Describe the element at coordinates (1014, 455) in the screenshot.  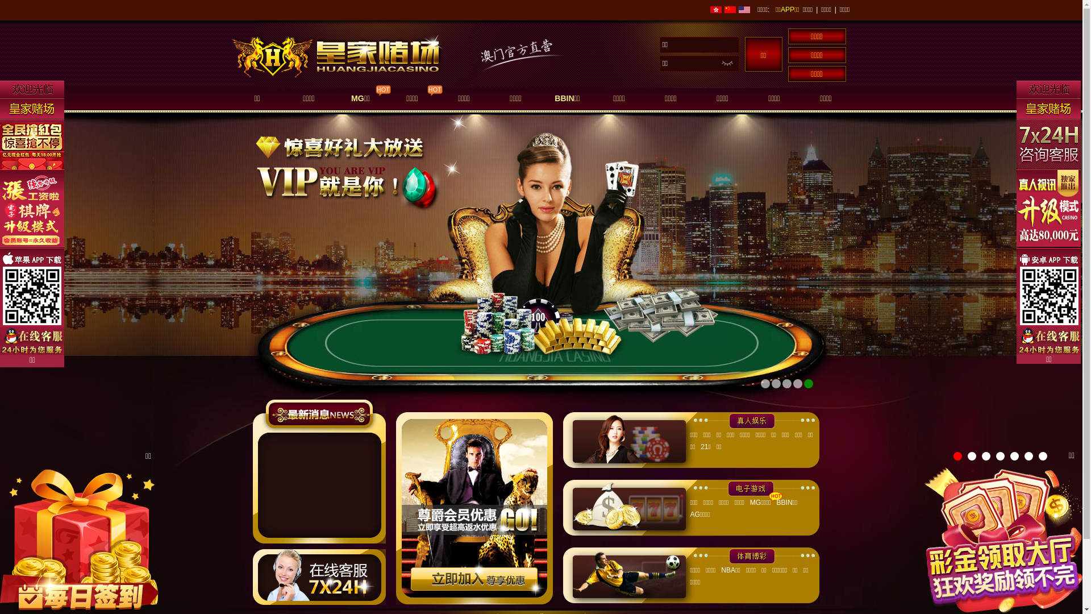
I see `'5'` at that location.